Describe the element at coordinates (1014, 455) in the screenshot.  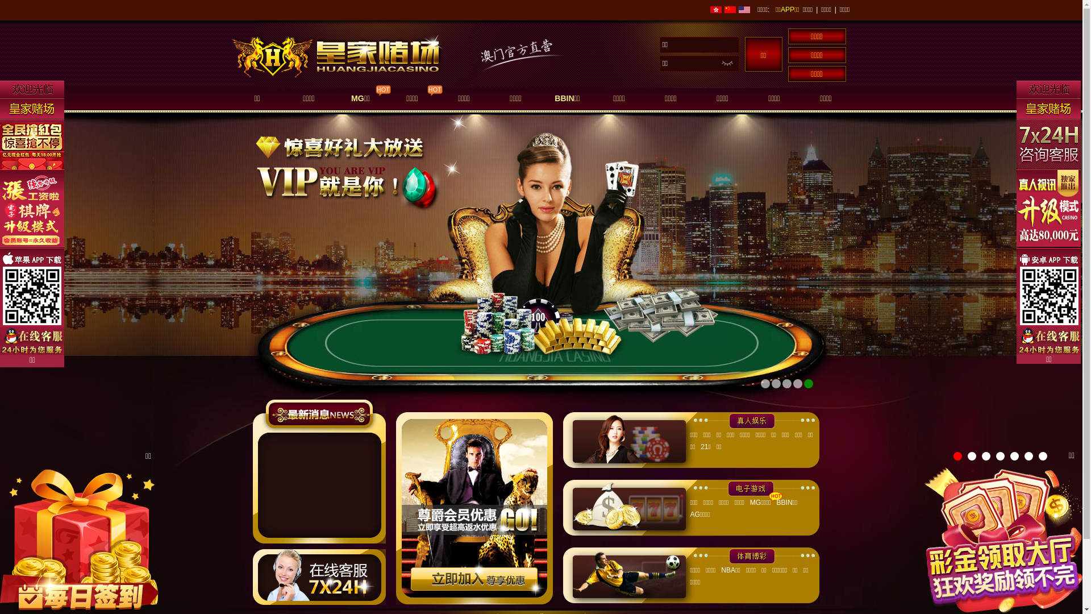
I see `'5'` at that location.